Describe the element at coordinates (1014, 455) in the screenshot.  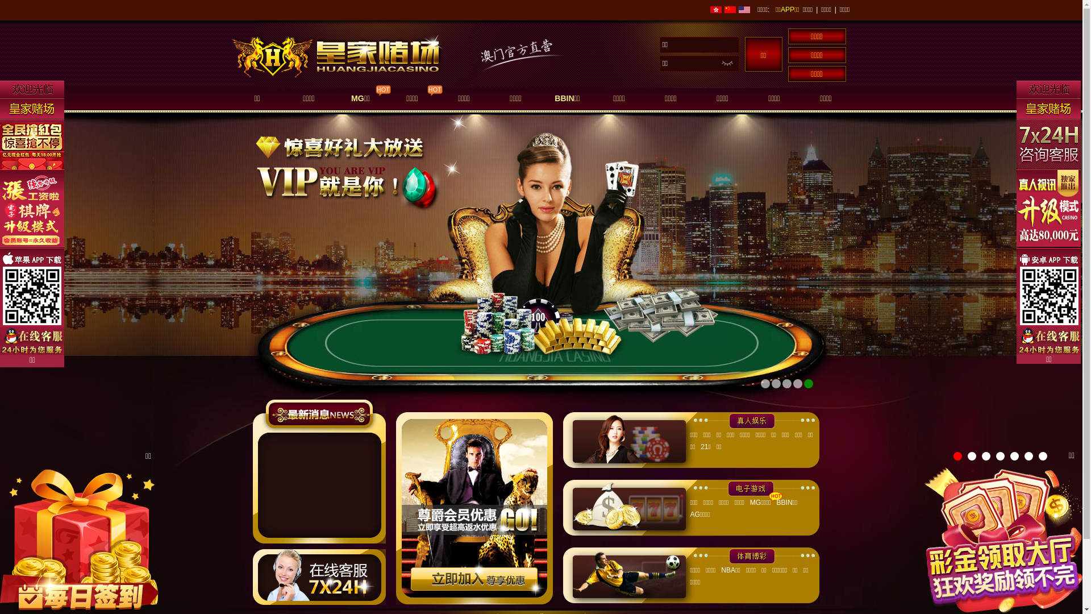
I see `'5'` at that location.